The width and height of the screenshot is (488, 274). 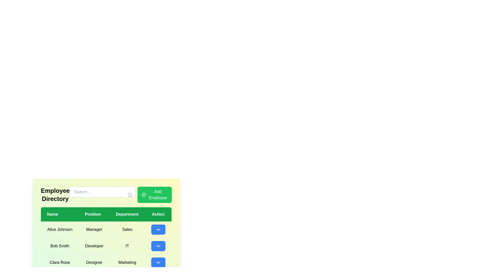 What do you see at coordinates (158, 246) in the screenshot?
I see `the button in the 'Action' column associated with 'Bob Smith'` at bounding box center [158, 246].